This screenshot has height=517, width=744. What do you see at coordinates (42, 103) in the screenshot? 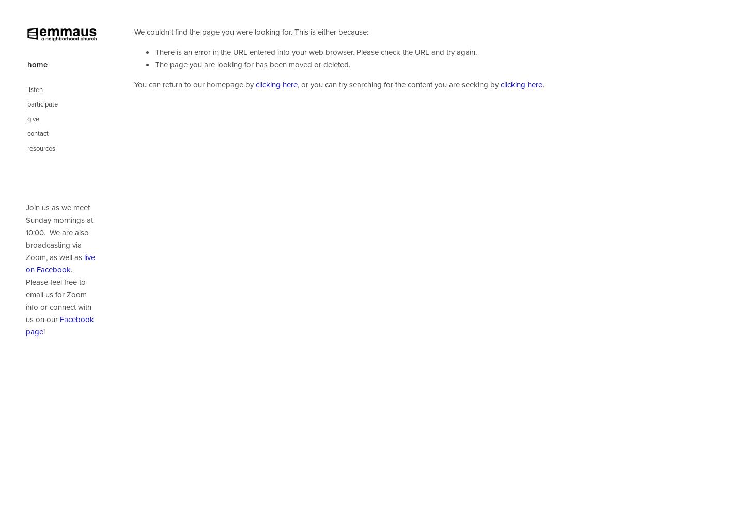
I see `'participate'` at bounding box center [42, 103].